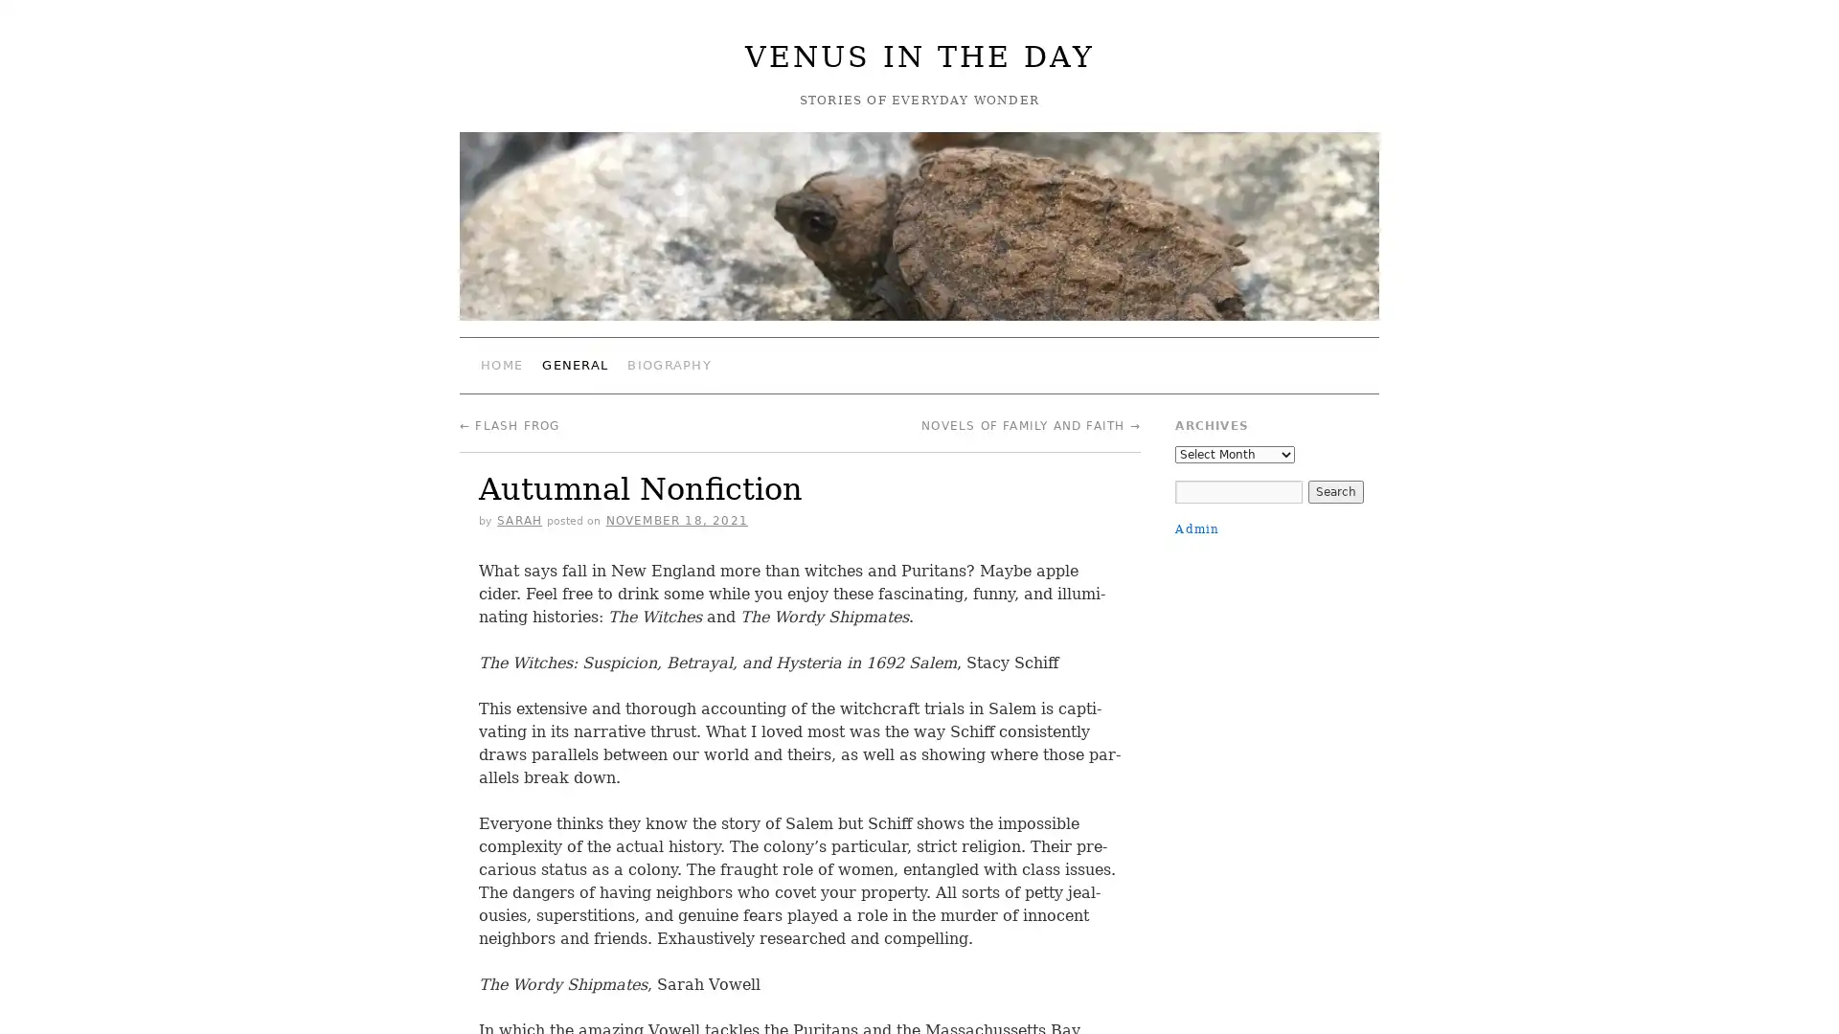 This screenshot has width=1839, height=1034. What do you see at coordinates (1333, 490) in the screenshot?
I see `Search` at bounding box center [1333, 490].